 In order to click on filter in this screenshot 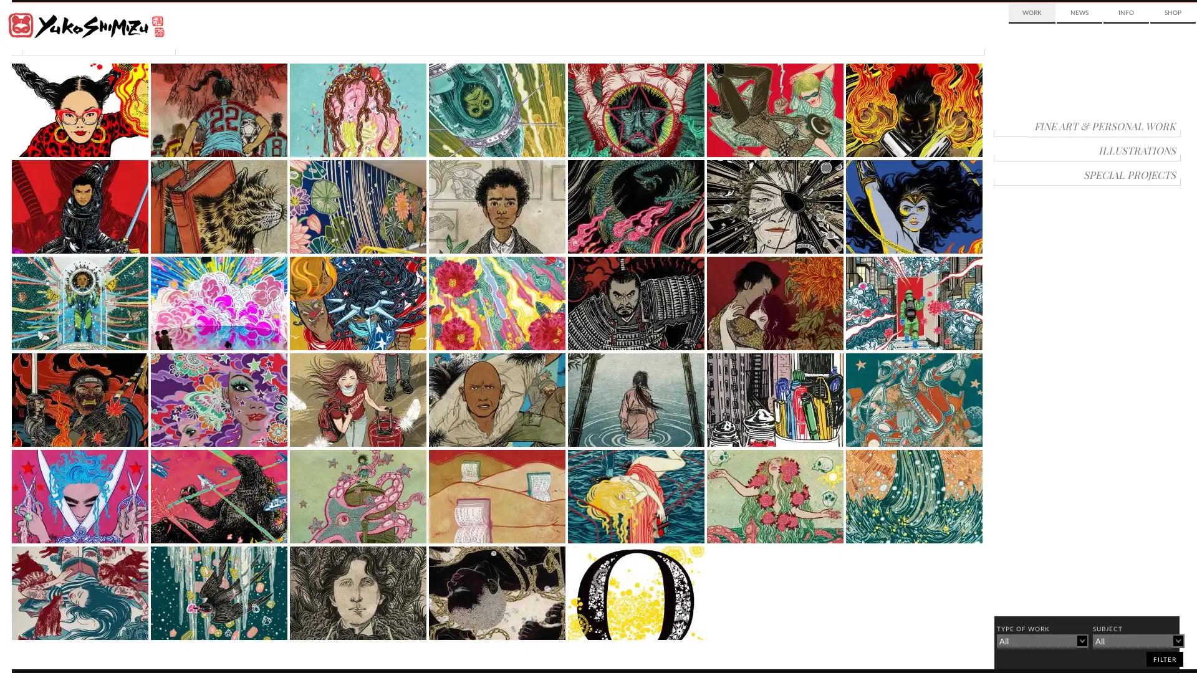, I will do `click(1164, 657)`.